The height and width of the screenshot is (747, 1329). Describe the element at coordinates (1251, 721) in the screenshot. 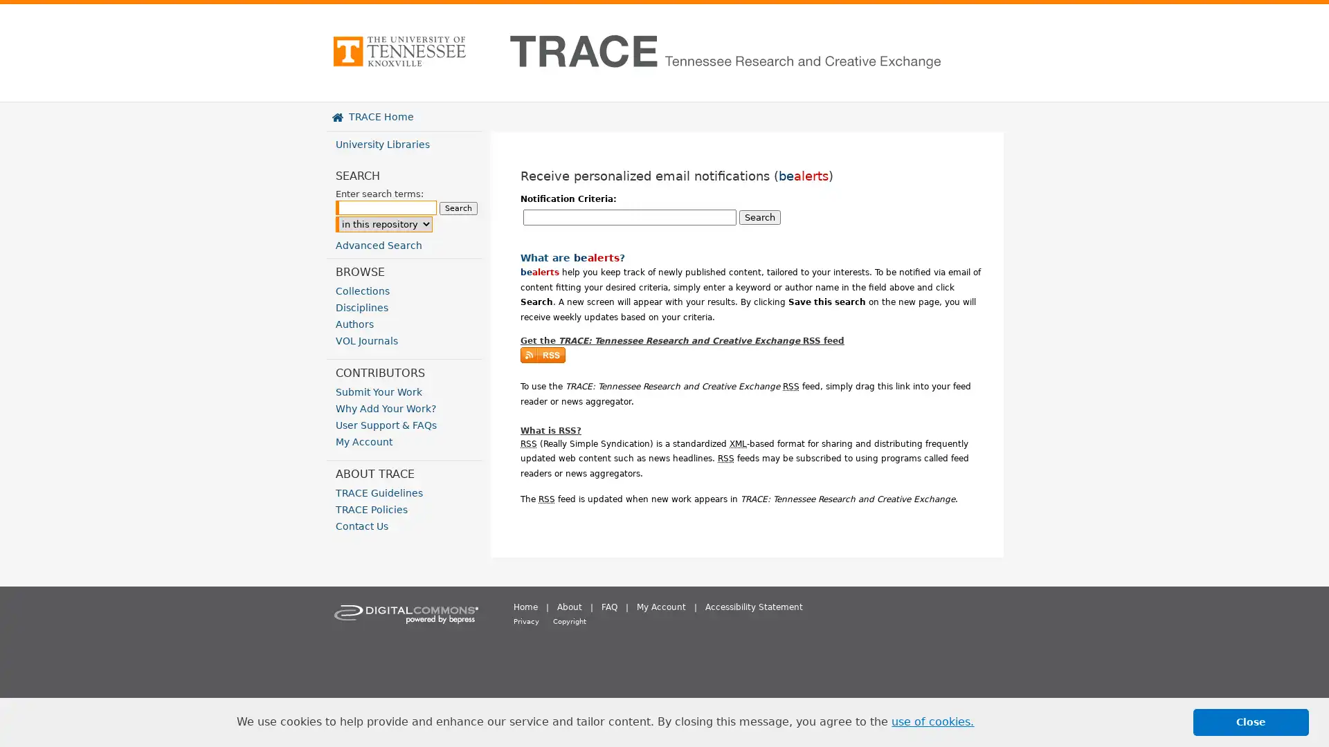

I see `dismiss cookie message` at that location.